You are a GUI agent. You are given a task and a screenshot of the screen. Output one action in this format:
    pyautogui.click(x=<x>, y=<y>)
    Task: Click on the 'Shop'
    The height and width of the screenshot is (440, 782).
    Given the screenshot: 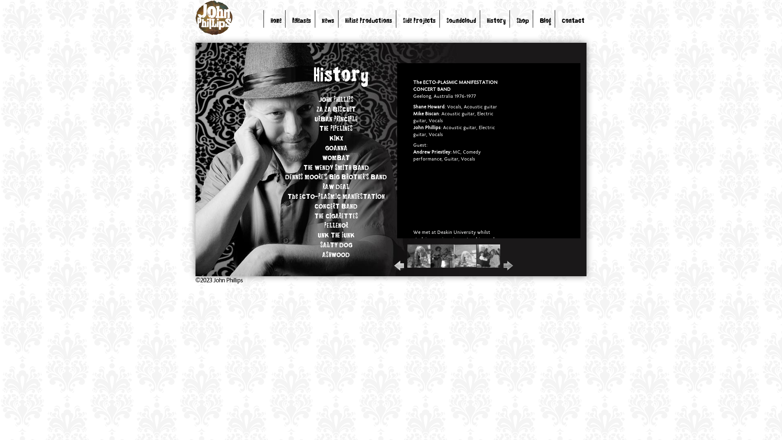 What is the action you would take?
    pyautogui.click(x=523, y=21)
    